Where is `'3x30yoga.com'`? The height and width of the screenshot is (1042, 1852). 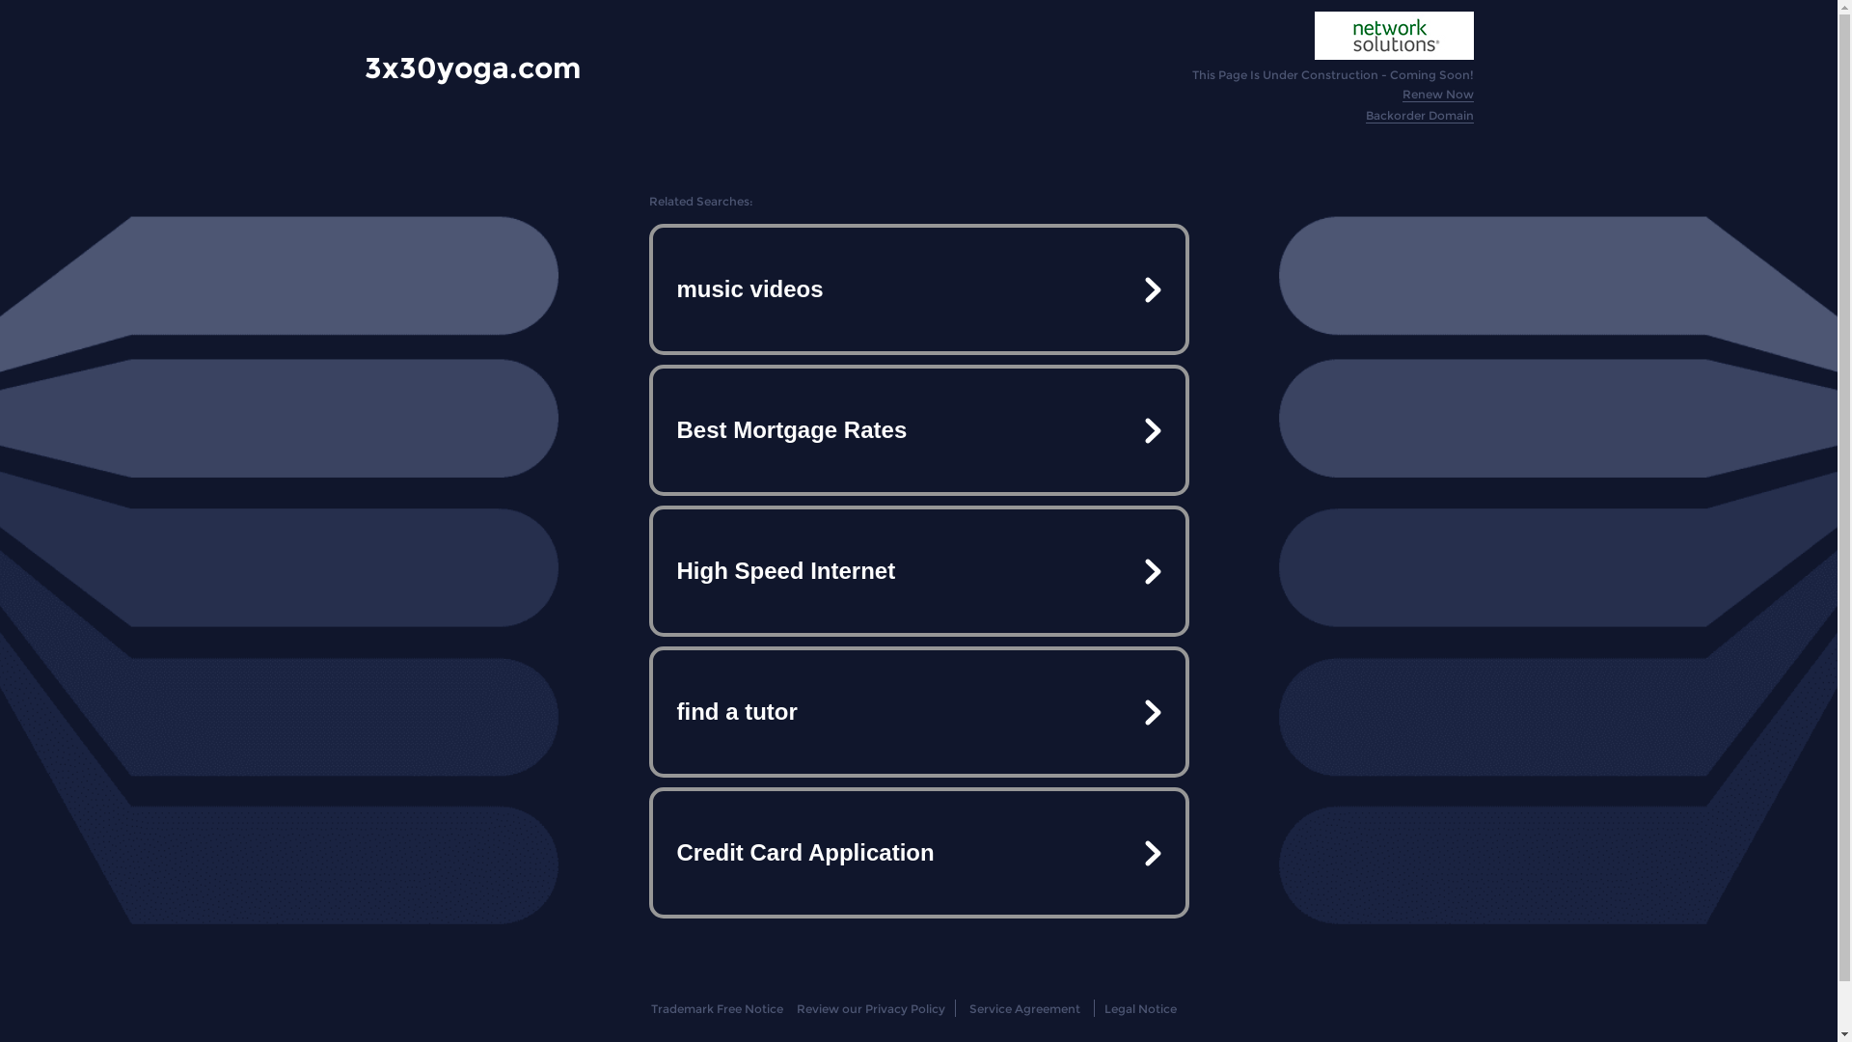
'3x30yoga.com' is located at coordinates (472, 67).